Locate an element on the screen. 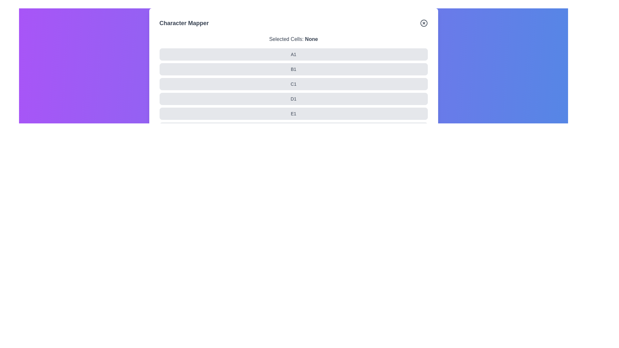 This screenshot has height=348, width=619. the cell labeled A1 in the grid is located at coordinates (159, 54).